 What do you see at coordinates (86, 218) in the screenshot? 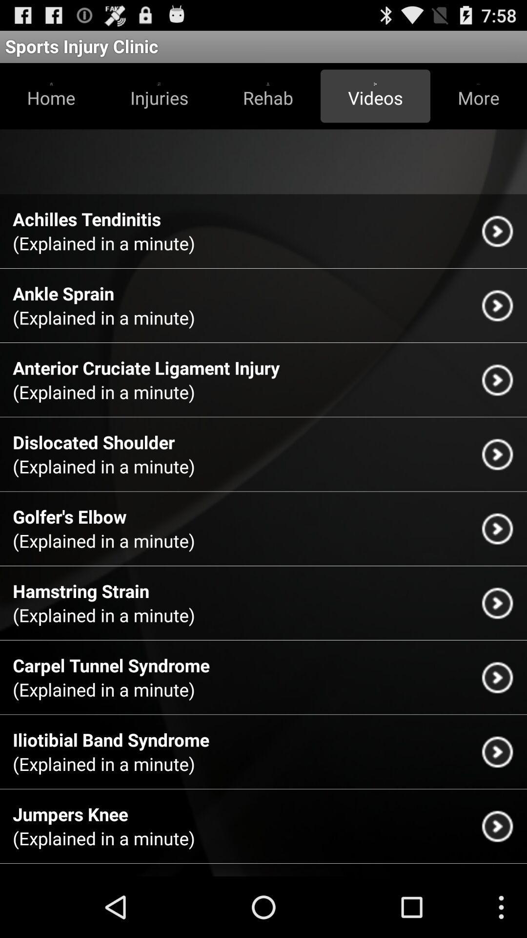
I see `achilles tendinitis app` at bounding box center [86, 218].